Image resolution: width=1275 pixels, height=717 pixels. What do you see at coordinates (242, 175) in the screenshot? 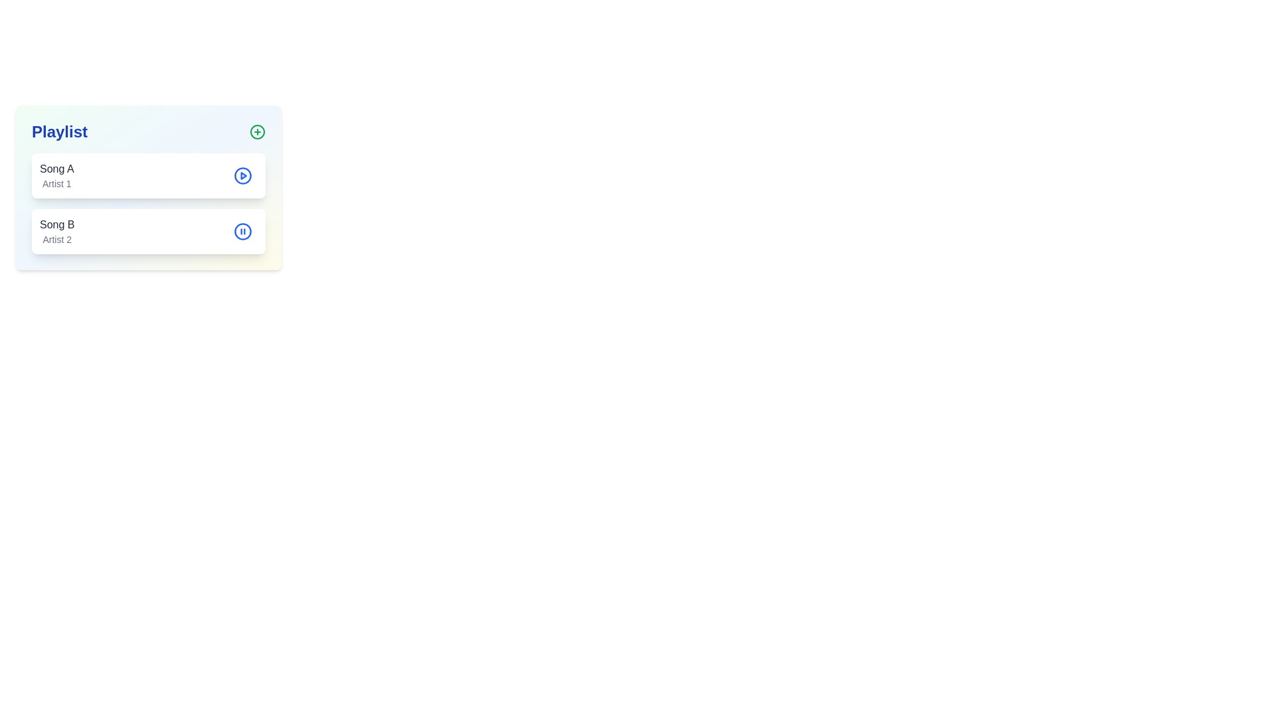
I see `the play button located on the right side of 'Song A' to initiate playback of the song` at bounding box center [242, 175].